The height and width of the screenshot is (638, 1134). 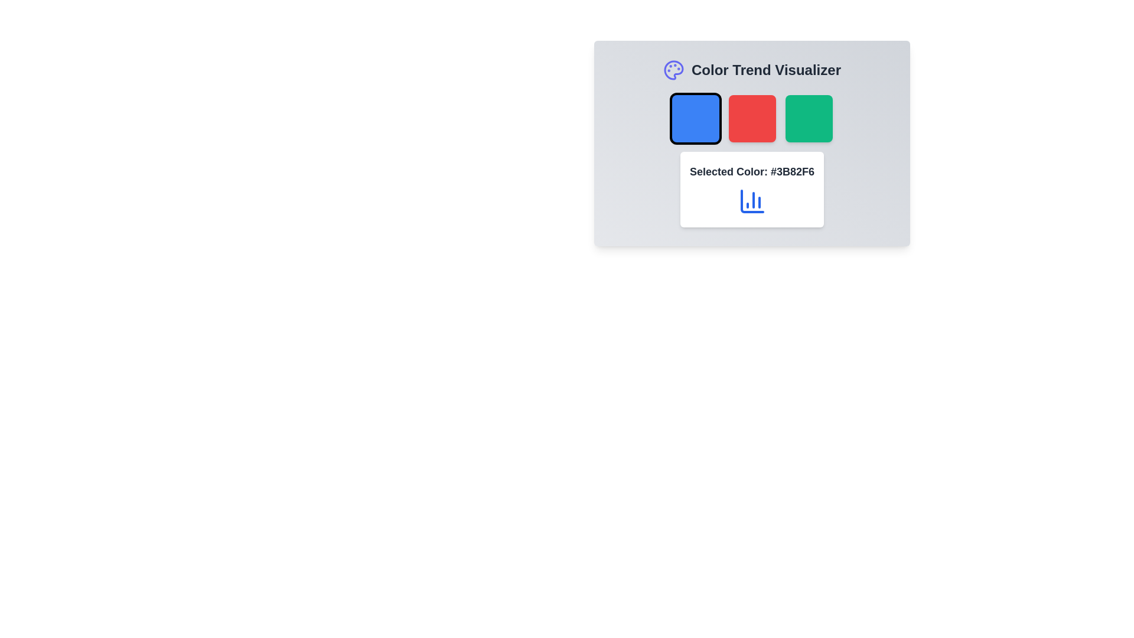 What do you see at coordinates (674, 70) in the screenshot?
I see `the circular indigo blue painter's palette icon located to the far left of the 'Color Trend Visualizer' component` at bounding box center [674, 70].